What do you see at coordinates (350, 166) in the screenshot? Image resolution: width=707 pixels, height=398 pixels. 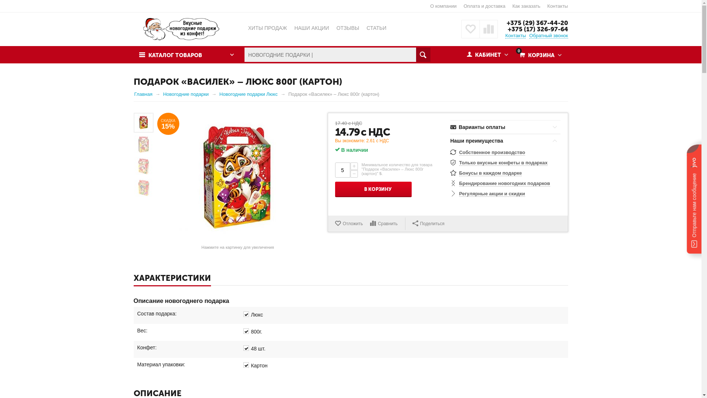 I see `'+'` at bounding box center [350, 166].